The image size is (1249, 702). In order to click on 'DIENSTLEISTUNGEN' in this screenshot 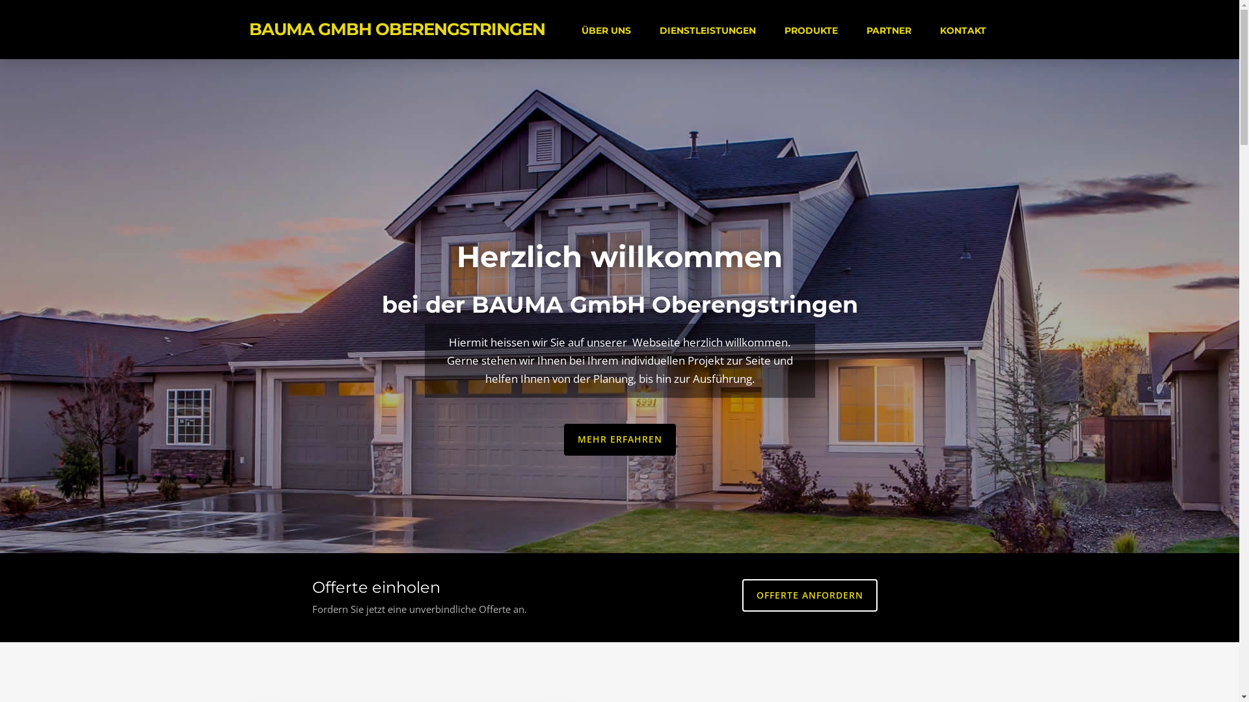, I will do `click(707, 29)`.